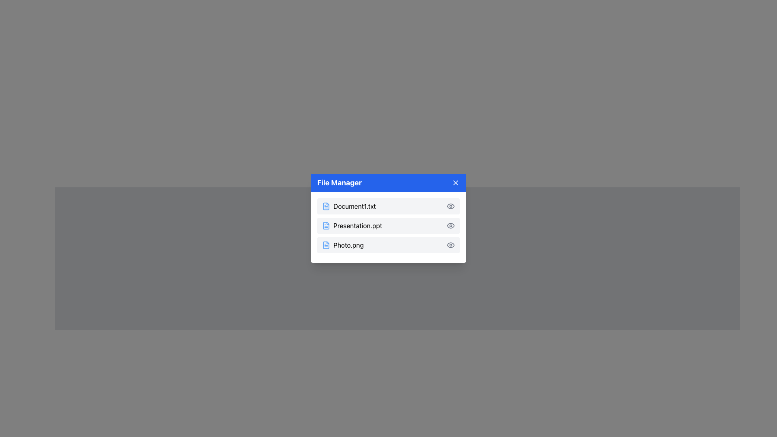  Describe the element at coordinates (450, 226) in the screenshot. I see `the eye icon with a gray outline adjacent to the text 'Presentation.ppt' in the file manager UI` at that location.